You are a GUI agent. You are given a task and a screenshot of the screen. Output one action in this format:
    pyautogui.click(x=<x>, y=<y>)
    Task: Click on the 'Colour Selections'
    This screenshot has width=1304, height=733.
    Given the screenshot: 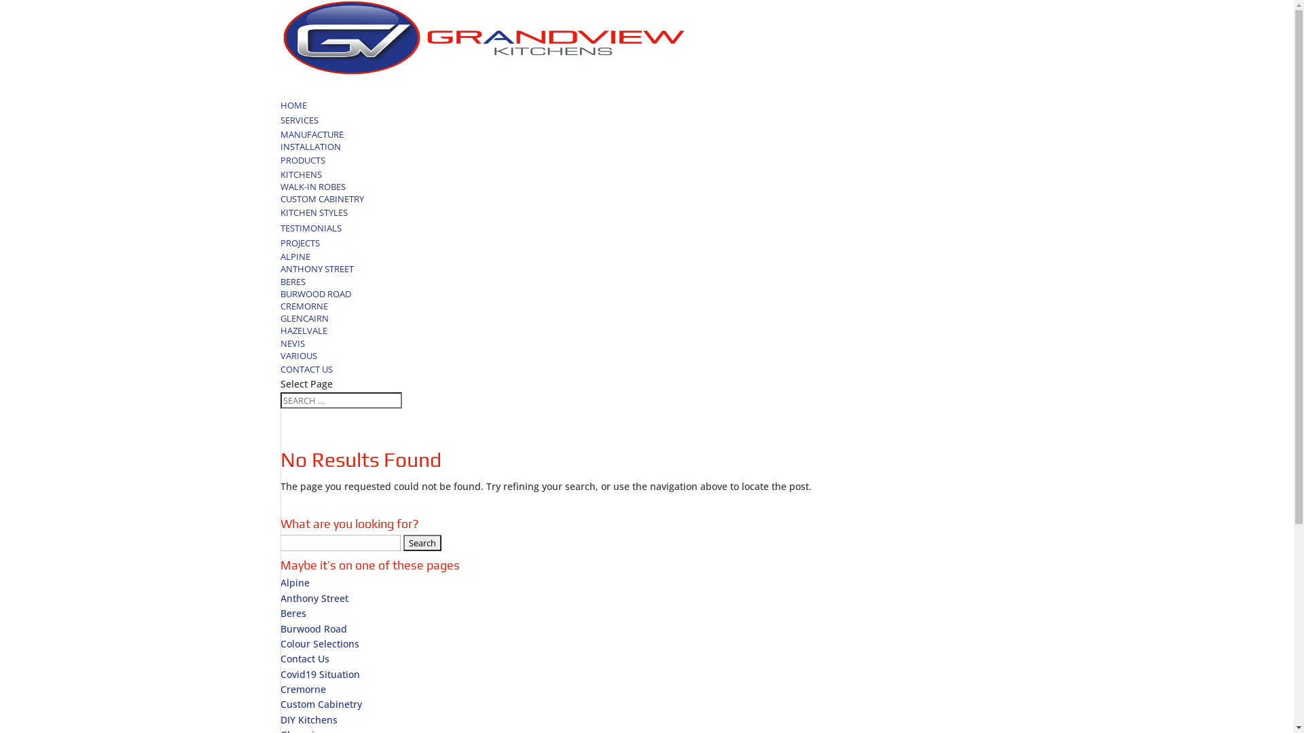 What is the action you would take?
    pyautogui.click(x=319, y=643)
    